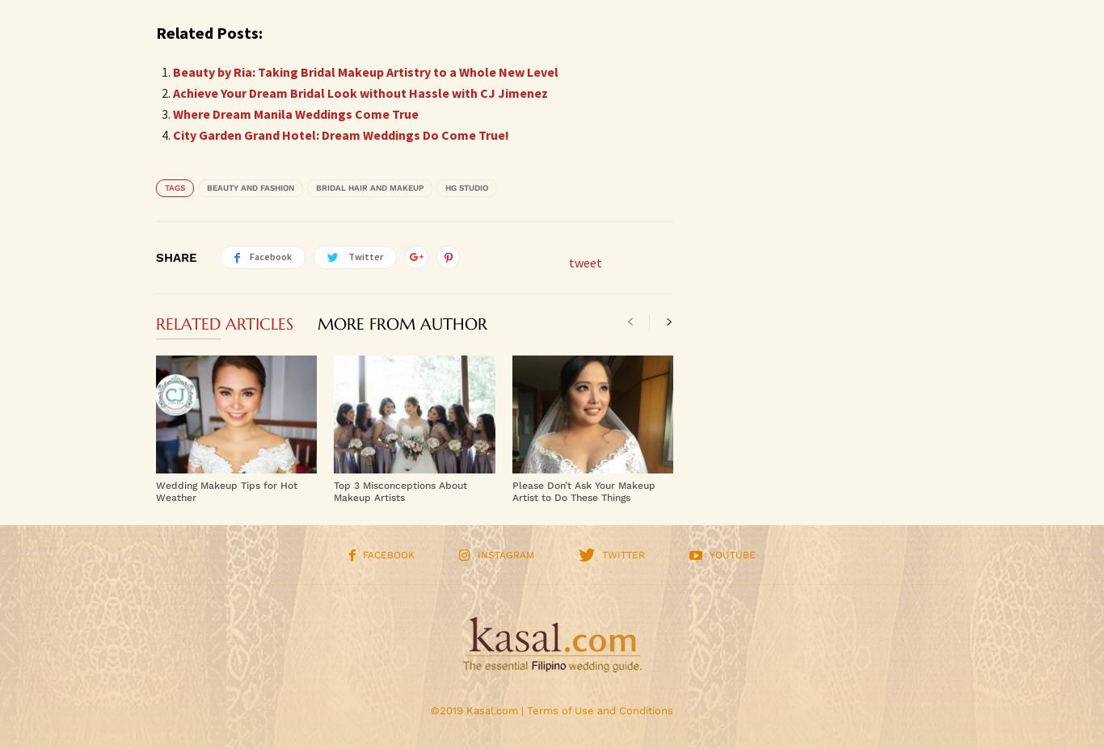  What do you see at coordinates (209, 32) in the screenshot?
I see `'Related posts:'` at bounding box center [209, 32].